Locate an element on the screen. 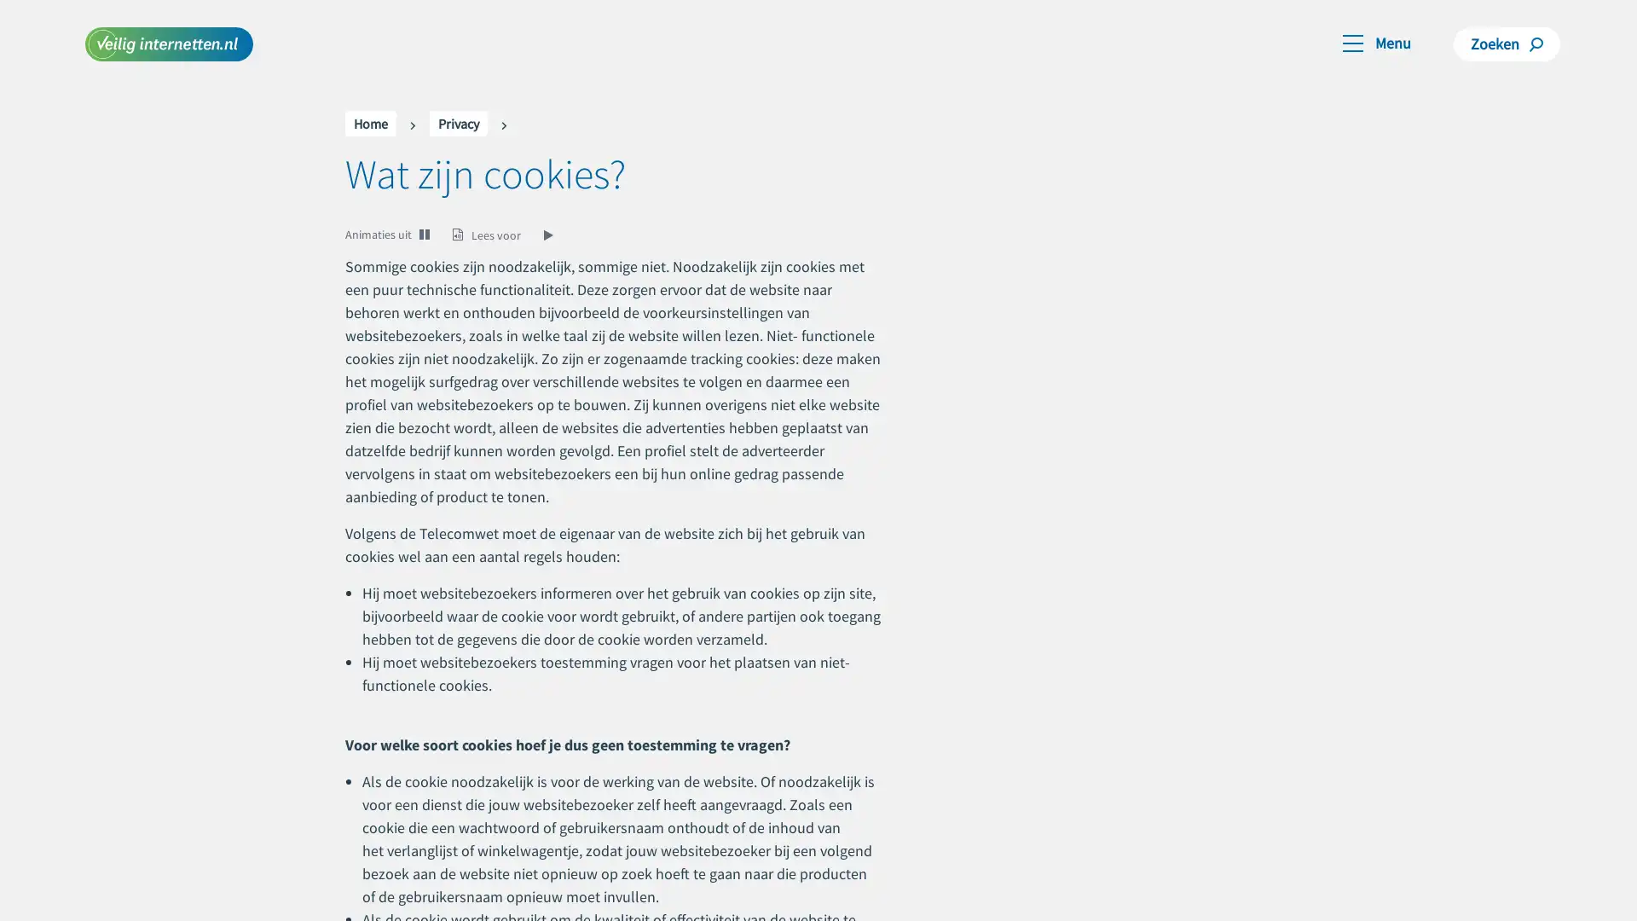 This screenshot has height=921, width=1637. Zoeken Zoeken is located at coordinates (1507, 43).